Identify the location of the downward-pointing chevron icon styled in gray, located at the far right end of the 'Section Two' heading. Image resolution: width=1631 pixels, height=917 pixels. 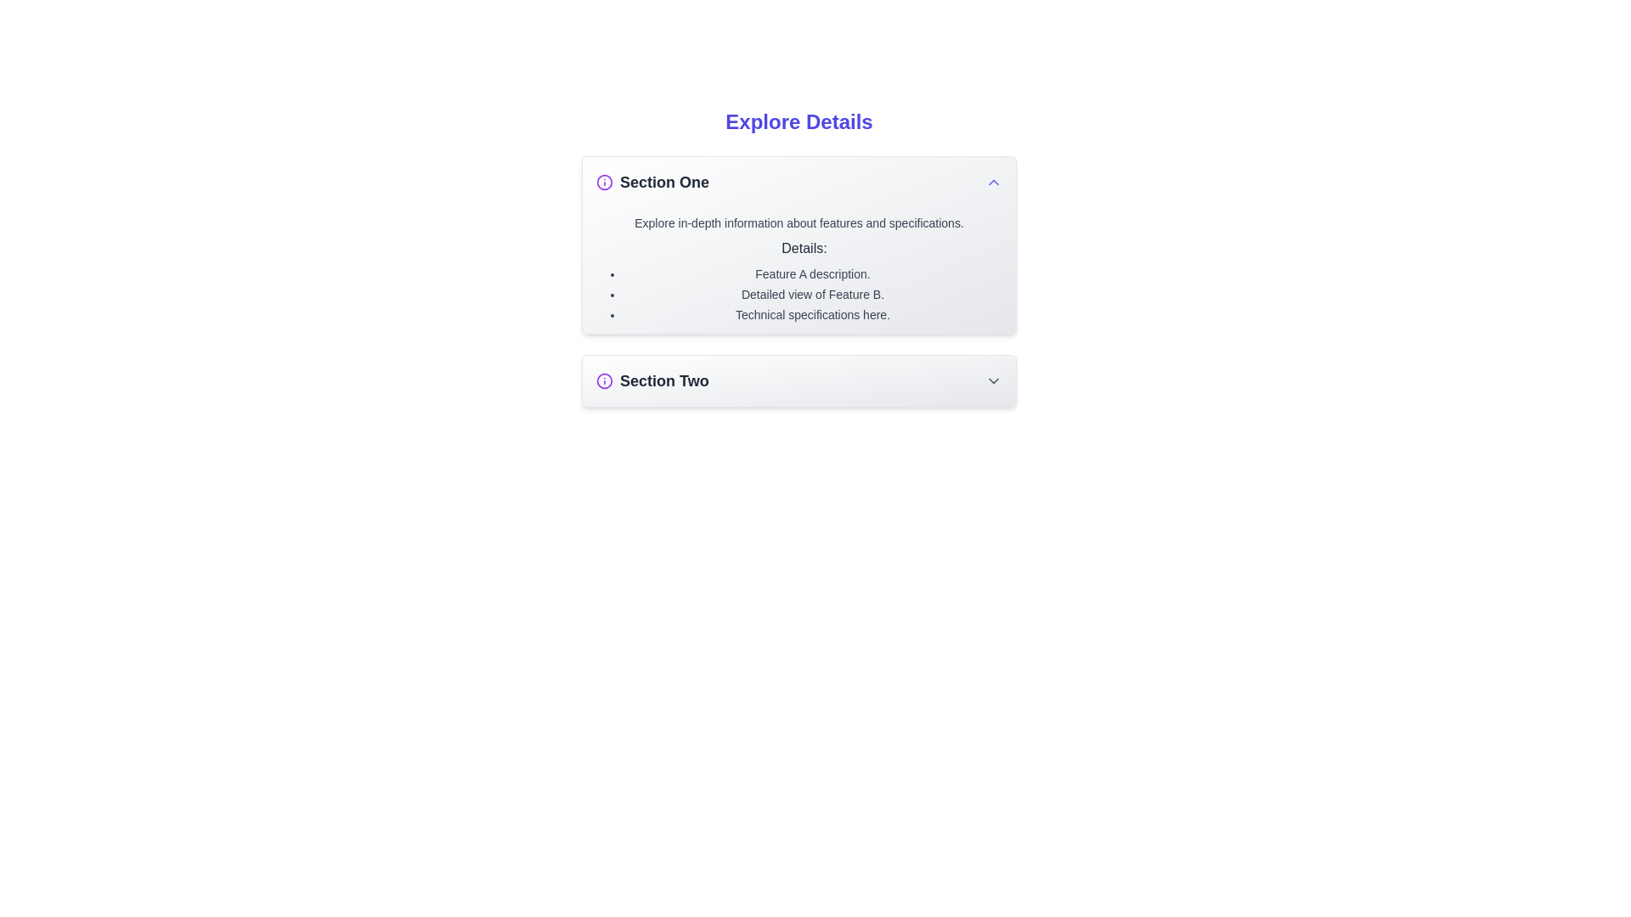
(994, 380).